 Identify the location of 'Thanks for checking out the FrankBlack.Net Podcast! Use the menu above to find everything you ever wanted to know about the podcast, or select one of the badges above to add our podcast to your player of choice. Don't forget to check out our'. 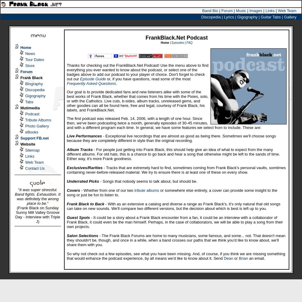
(137, 72).